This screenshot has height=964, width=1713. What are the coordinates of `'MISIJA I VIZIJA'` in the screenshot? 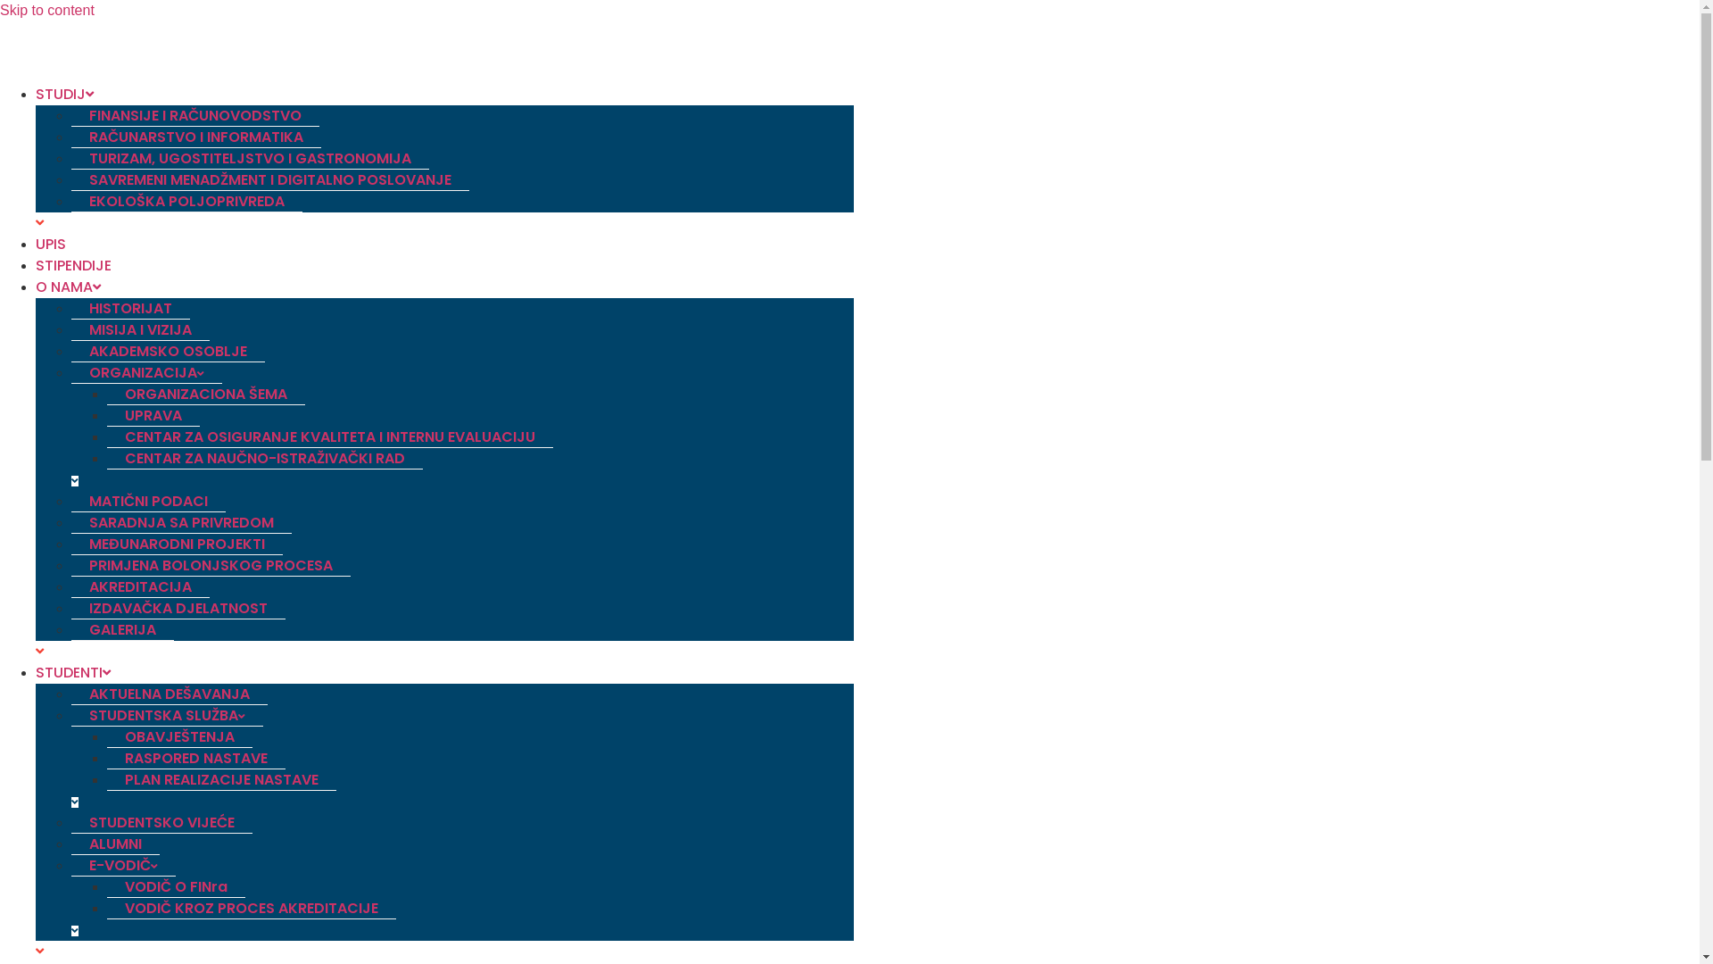 It's located at (139, 330).